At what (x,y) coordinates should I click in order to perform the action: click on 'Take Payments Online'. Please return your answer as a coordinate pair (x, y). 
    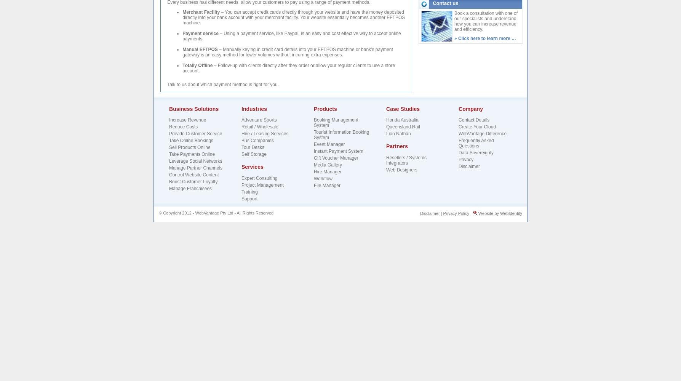
    Looking at the image, I should click on (168, 154).